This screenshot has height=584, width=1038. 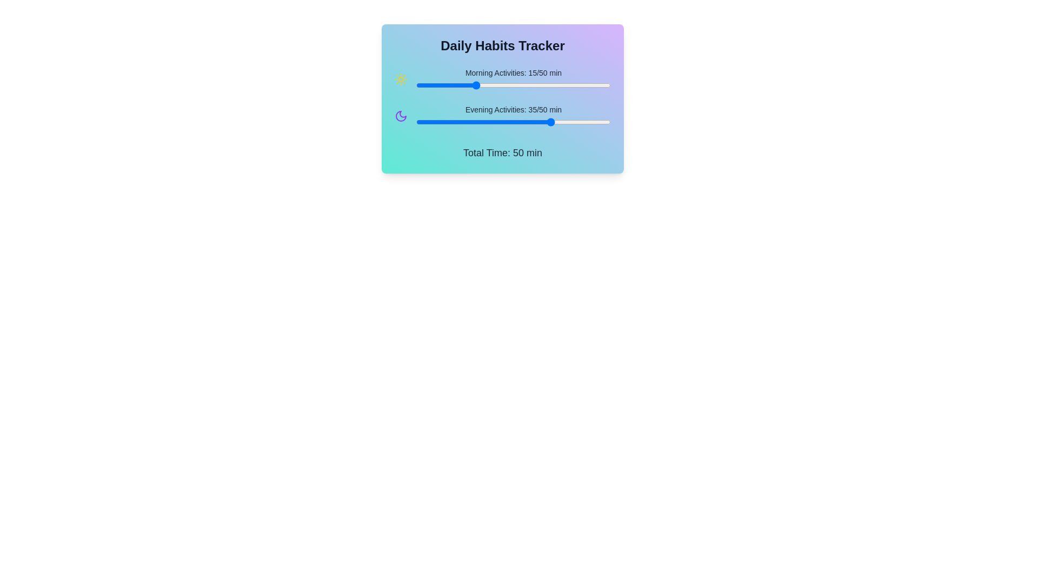 I want to click on the evening activity time, so click(x=459, y=122).